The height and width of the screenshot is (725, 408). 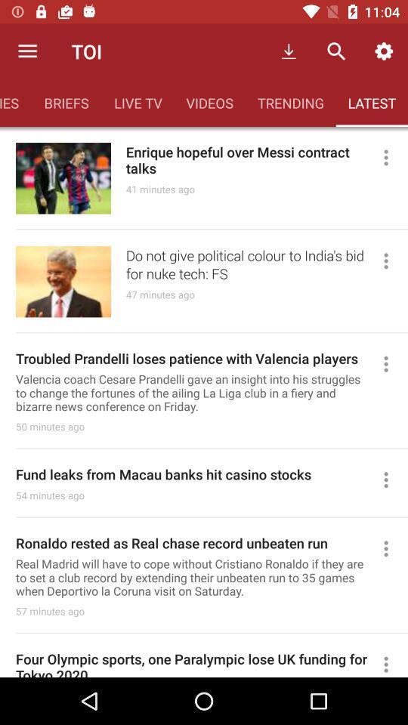 I want to click on open article options, so click(x=392, y=662).